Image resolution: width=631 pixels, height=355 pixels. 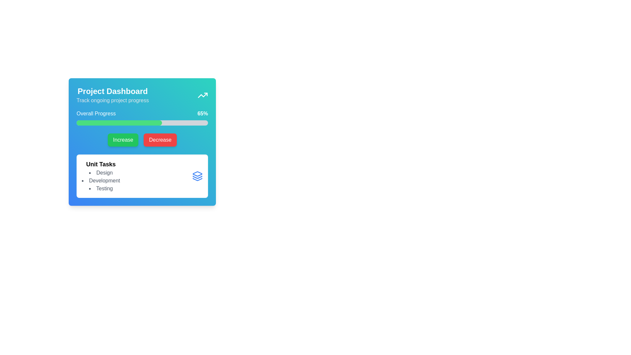 What do you see at coordinates (112, 95) in the screenshot?
I see `Informational Text Block located in the upper-left corner of the dashboard card layout, which provides a title and brief description for the dashboard` at bounding box center [112, 95].